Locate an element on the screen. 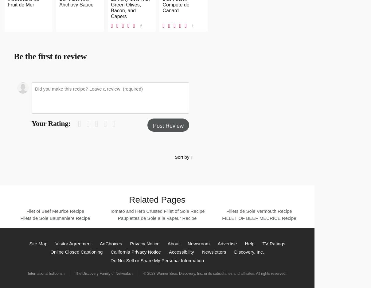 The image size is (371, 288). 'Newsroom' is located at coordinates (198, 243).